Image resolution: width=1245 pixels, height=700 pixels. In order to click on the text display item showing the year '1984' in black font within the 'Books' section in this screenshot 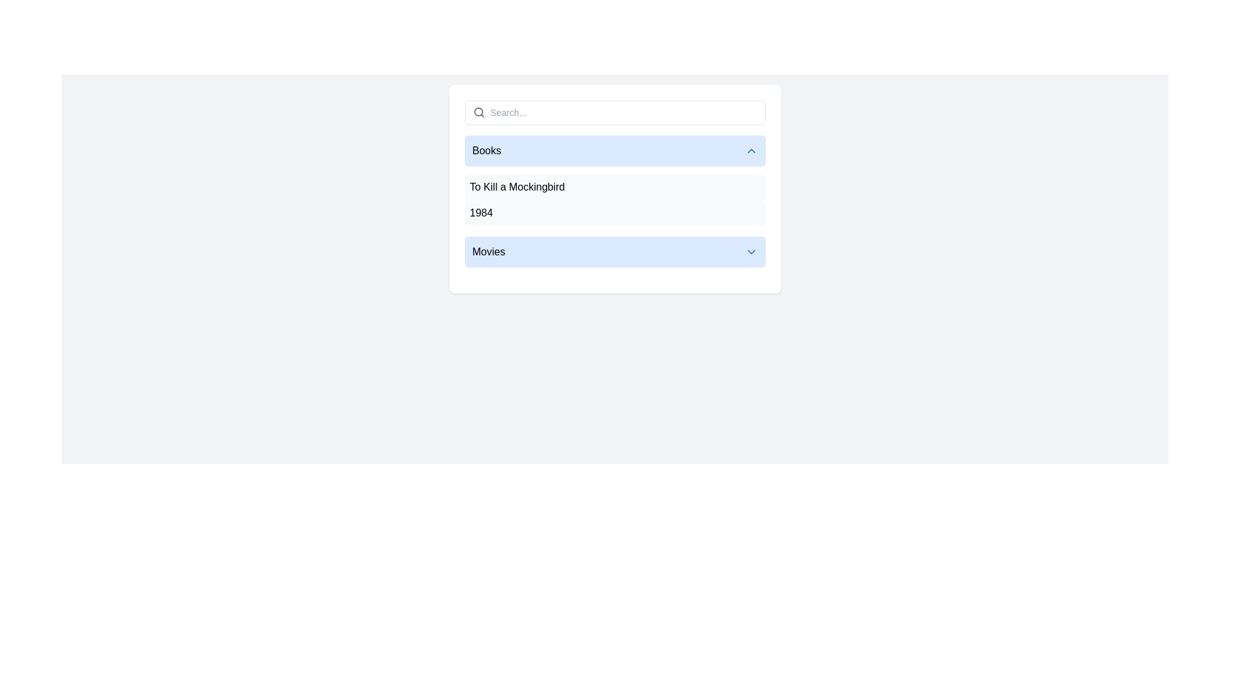, I will do `click(480, 212)`.